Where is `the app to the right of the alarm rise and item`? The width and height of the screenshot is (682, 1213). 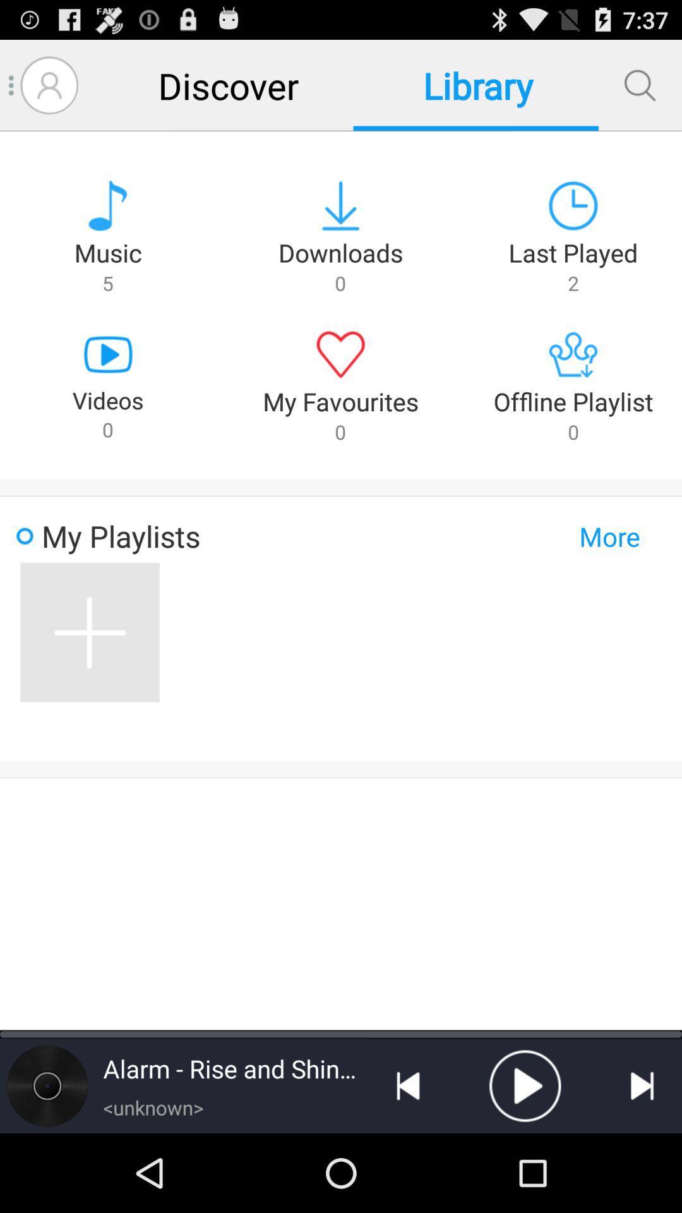
the app to the right of the alarm rise and item is located at coordinates (408, 1085).